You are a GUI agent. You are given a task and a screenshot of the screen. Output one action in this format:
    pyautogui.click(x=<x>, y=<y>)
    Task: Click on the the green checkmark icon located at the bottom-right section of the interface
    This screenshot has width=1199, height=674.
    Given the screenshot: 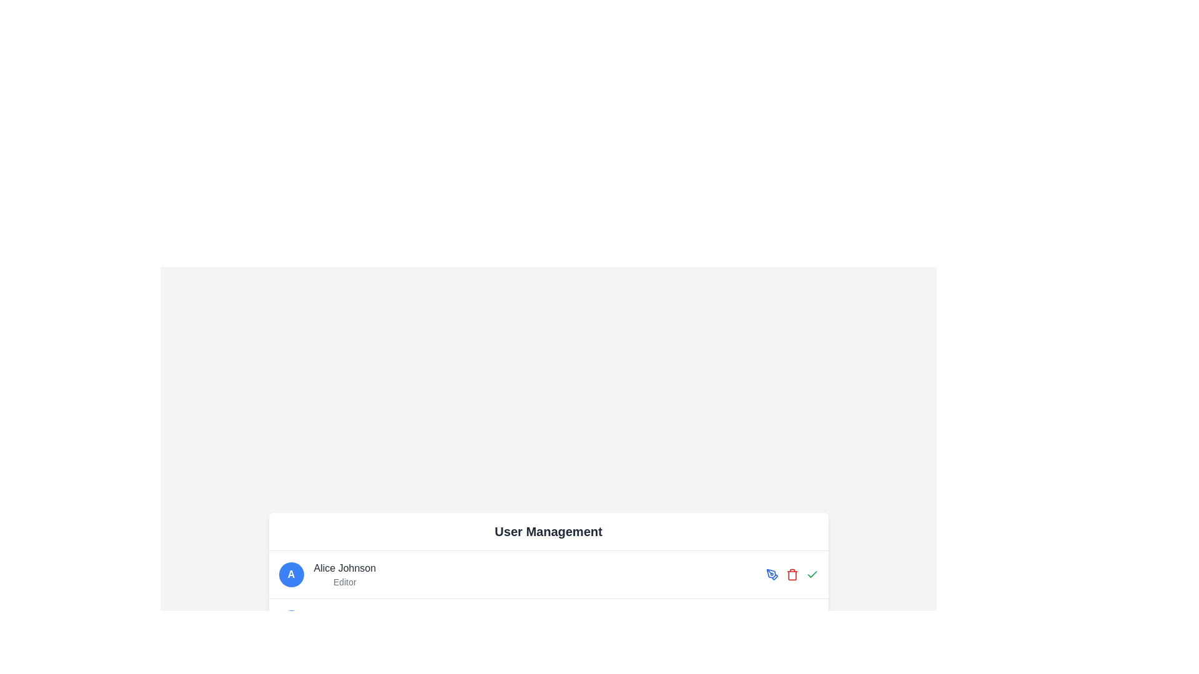 What is the action you would take?
    pyautogui.click(x=812, y=575)
    